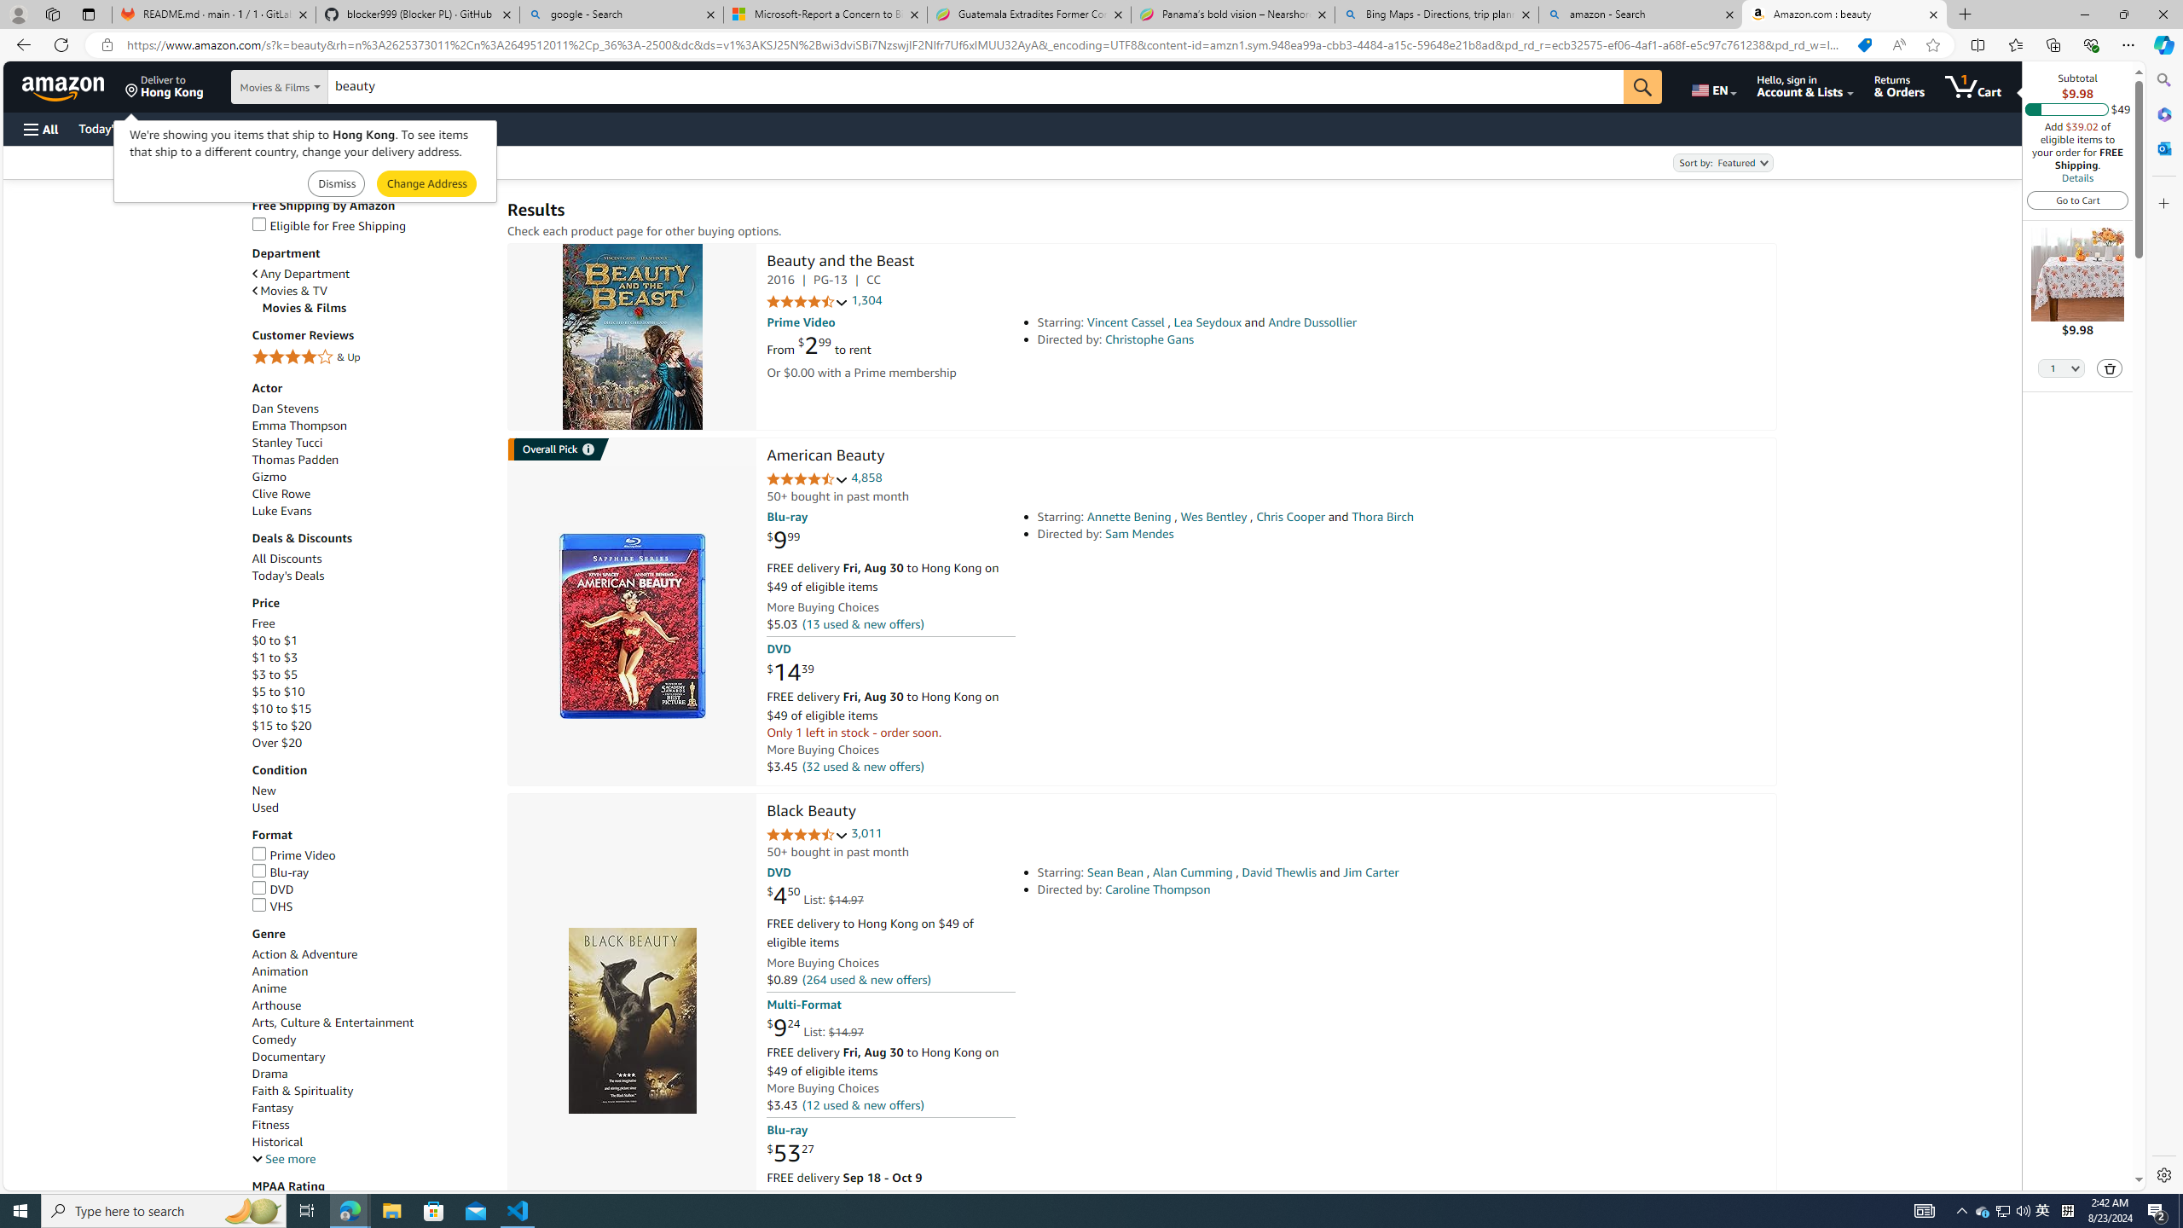  What do you see at coordinates (282, 1159) in the screenshot?
I see `'See more, Genre'` at bounding box center [282, 1159].